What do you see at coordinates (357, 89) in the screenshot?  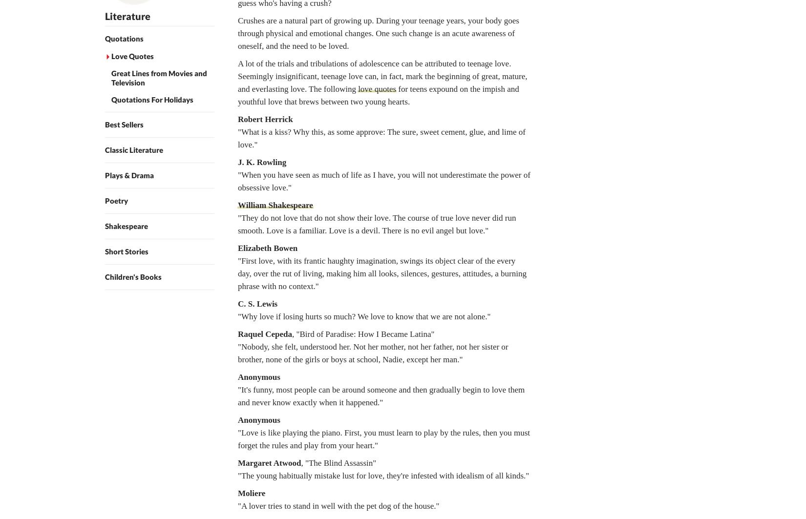 I see `'love quotes'` at bounding box center [357, 89].